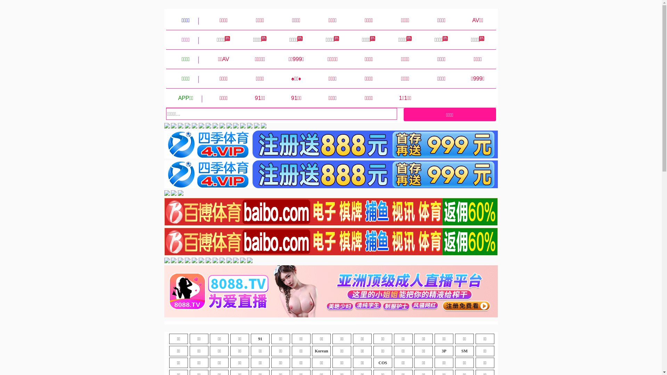 Image resolution: width=667 pixels, height=375 pixels. What do you see at coordinates (260, 338) in the screenshot?
I see `'91'` at bounding box center [260, 338].